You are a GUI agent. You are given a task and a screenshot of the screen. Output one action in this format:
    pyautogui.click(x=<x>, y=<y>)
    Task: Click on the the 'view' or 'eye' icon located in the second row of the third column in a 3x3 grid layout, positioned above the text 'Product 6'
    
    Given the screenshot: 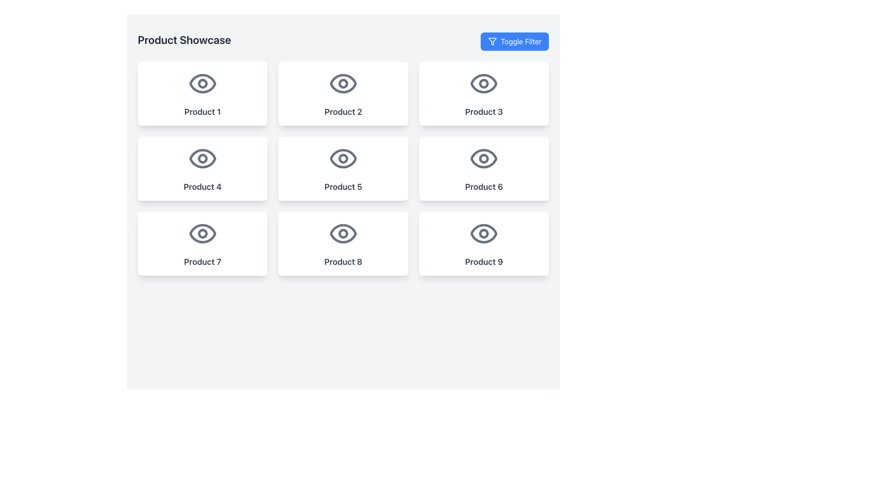 What is the action you would take?
    pyautogui.click(x=483, y=158)
    